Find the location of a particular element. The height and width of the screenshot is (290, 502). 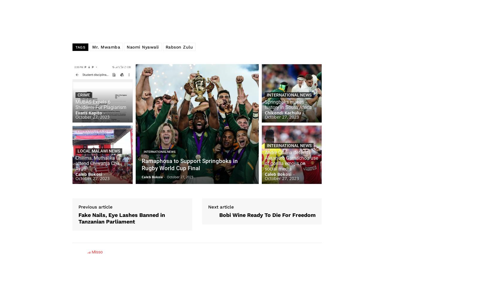

'Evans Kapito' is located at coordinates (88, 112).